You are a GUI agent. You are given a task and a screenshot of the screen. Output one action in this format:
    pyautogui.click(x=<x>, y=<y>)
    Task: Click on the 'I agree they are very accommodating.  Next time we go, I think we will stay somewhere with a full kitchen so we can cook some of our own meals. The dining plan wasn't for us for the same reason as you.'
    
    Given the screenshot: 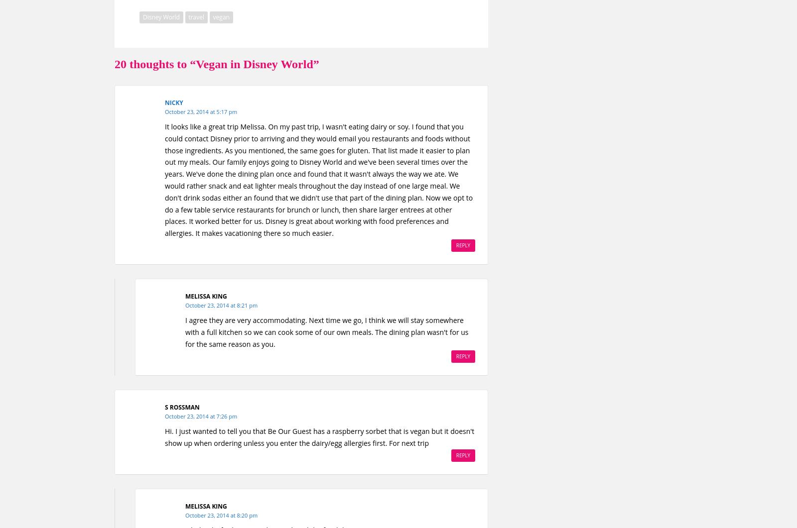 What is the action you would take?
    pyautogui.click(x=327, y=331)
    